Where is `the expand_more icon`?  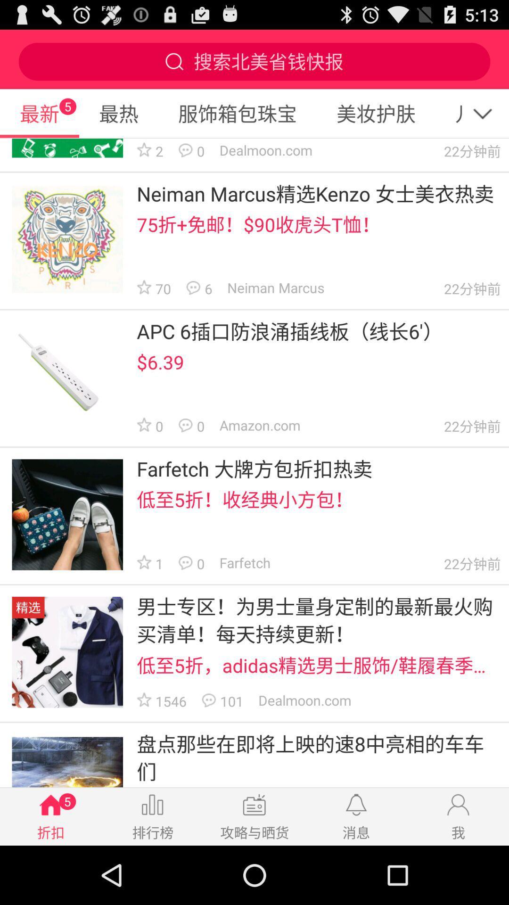
the expand_more icon is located at coordinates (487, 121).